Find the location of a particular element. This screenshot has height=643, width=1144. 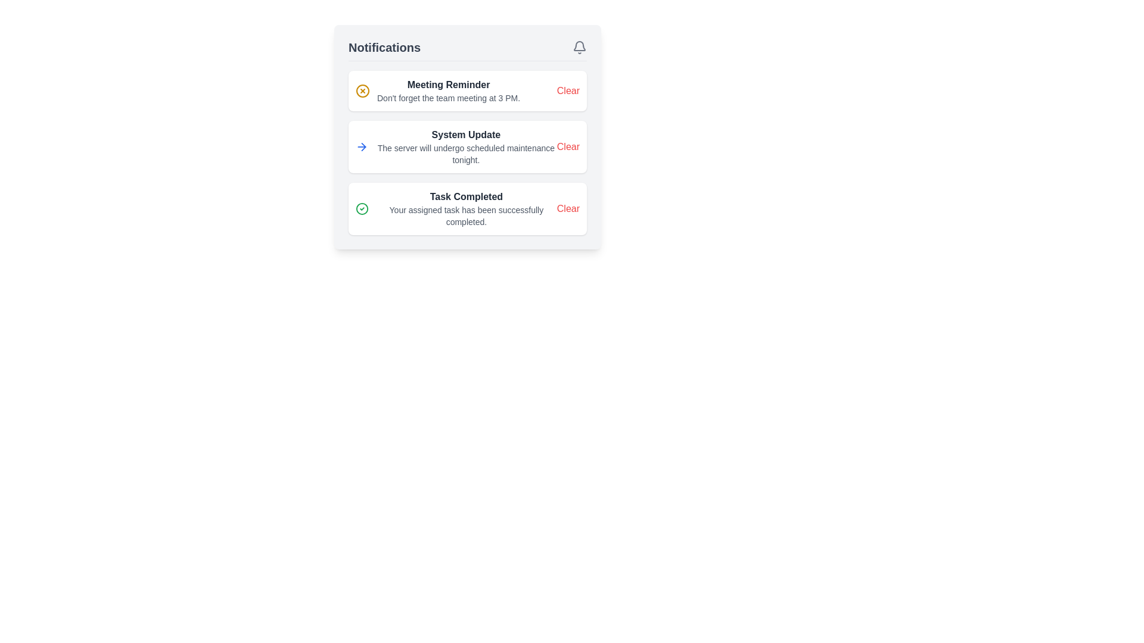

the 'Clear' button, which is a bold red textual button located at the extreme right of the notification card is located at coordinates (567, 146).